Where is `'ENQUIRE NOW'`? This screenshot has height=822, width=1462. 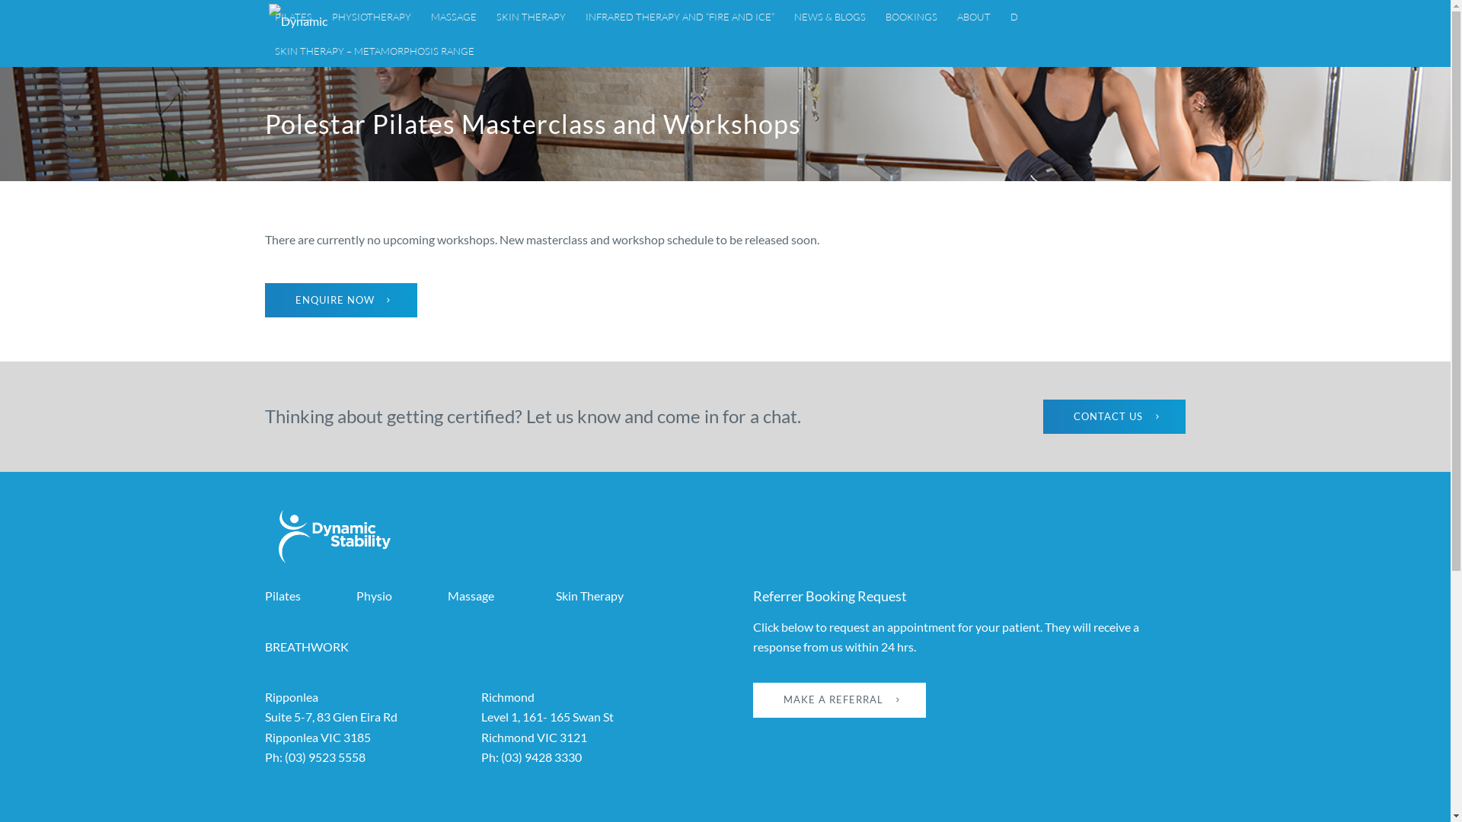 'ENQUIRE NOW' is located at coordinates (340, 300).